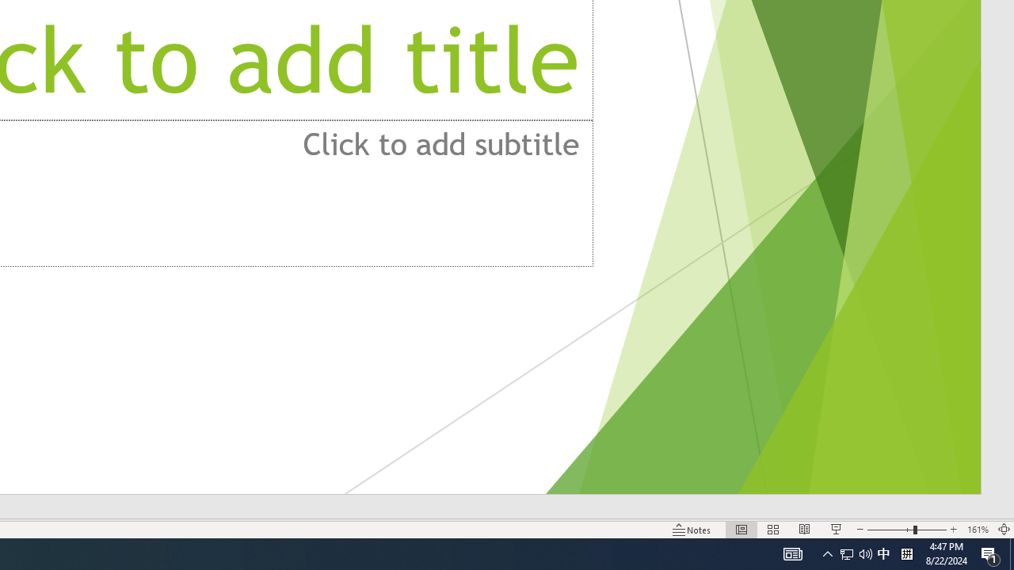 This screenshot has height=570, width=1014. What do you see at coordinates (906, 530) in the screenshot?
I see `'Zoom'` at bounding box center [906, 530].